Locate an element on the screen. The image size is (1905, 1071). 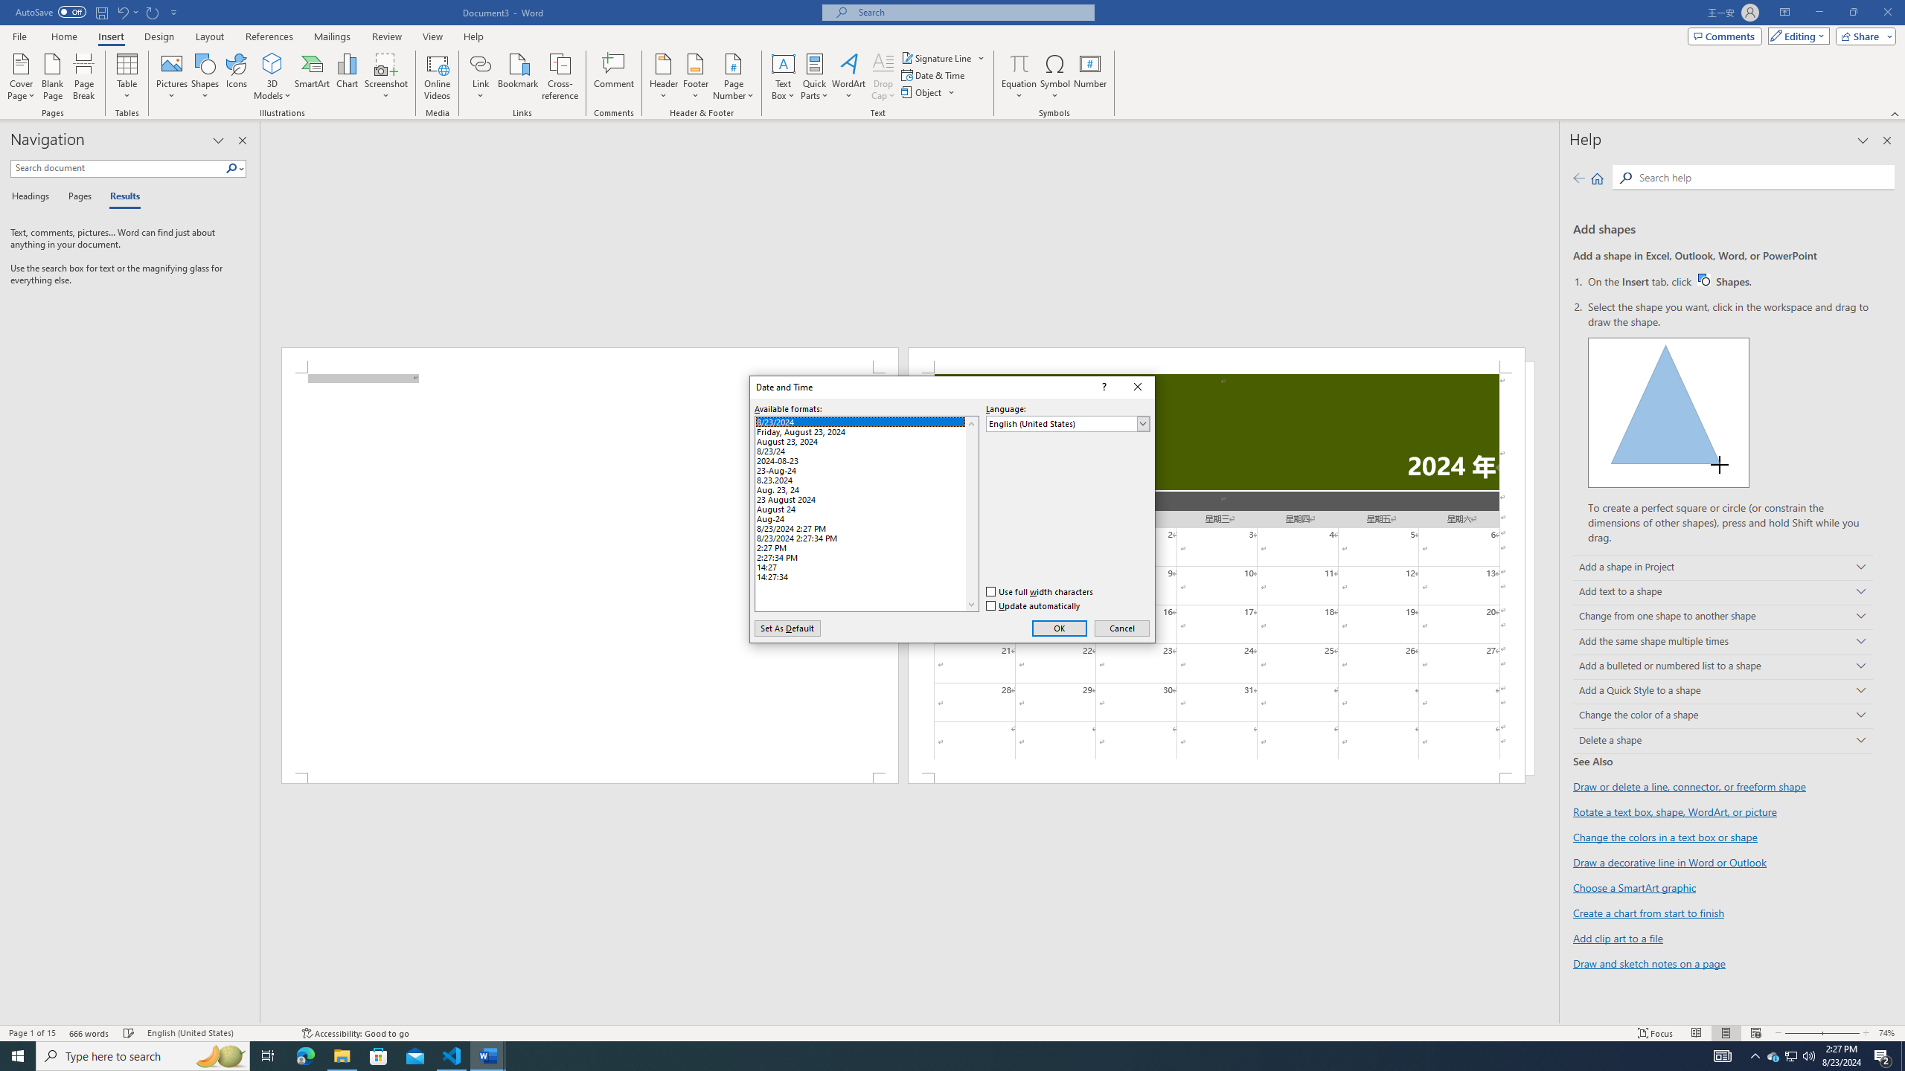
'2:27:34 PM' is located at coordinates (865, 556).